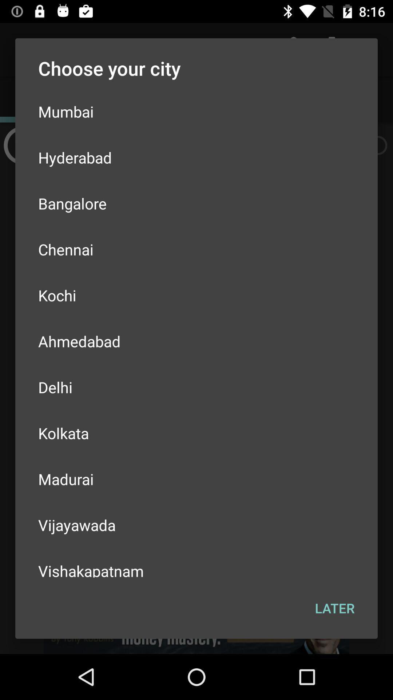 The width and height of the screenshot is (393, 700). I want to click on madurai item, so click(196, 479).